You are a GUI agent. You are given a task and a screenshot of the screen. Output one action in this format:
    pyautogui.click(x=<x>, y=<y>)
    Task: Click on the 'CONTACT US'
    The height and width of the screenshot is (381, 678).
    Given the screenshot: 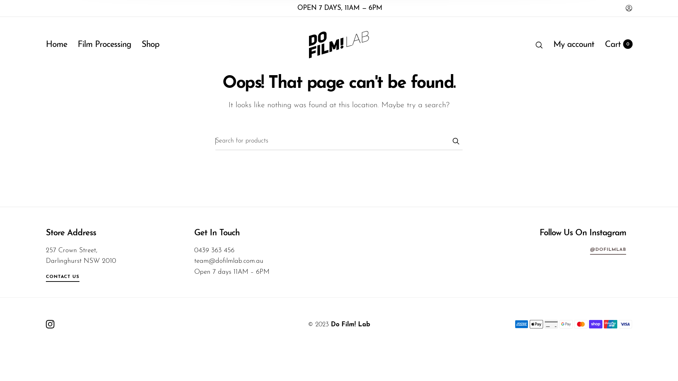 What is the action you would take?
    pyautogui.click(x=63, y=278)
    